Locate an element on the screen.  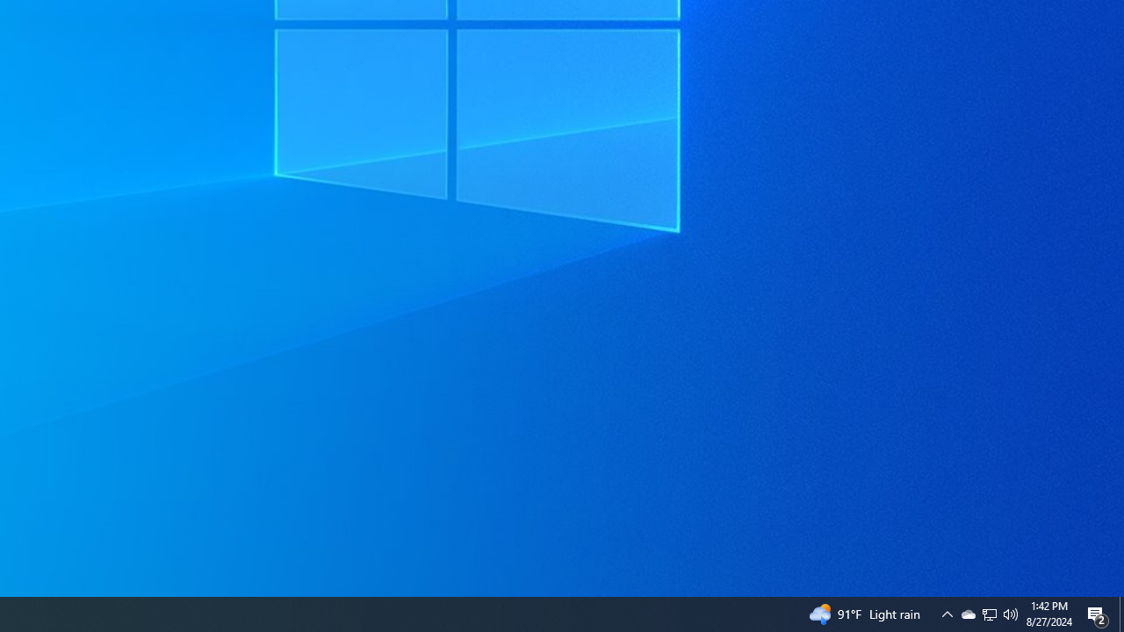
'User Promoted Notification Area' is located at coordinates (990, 613).